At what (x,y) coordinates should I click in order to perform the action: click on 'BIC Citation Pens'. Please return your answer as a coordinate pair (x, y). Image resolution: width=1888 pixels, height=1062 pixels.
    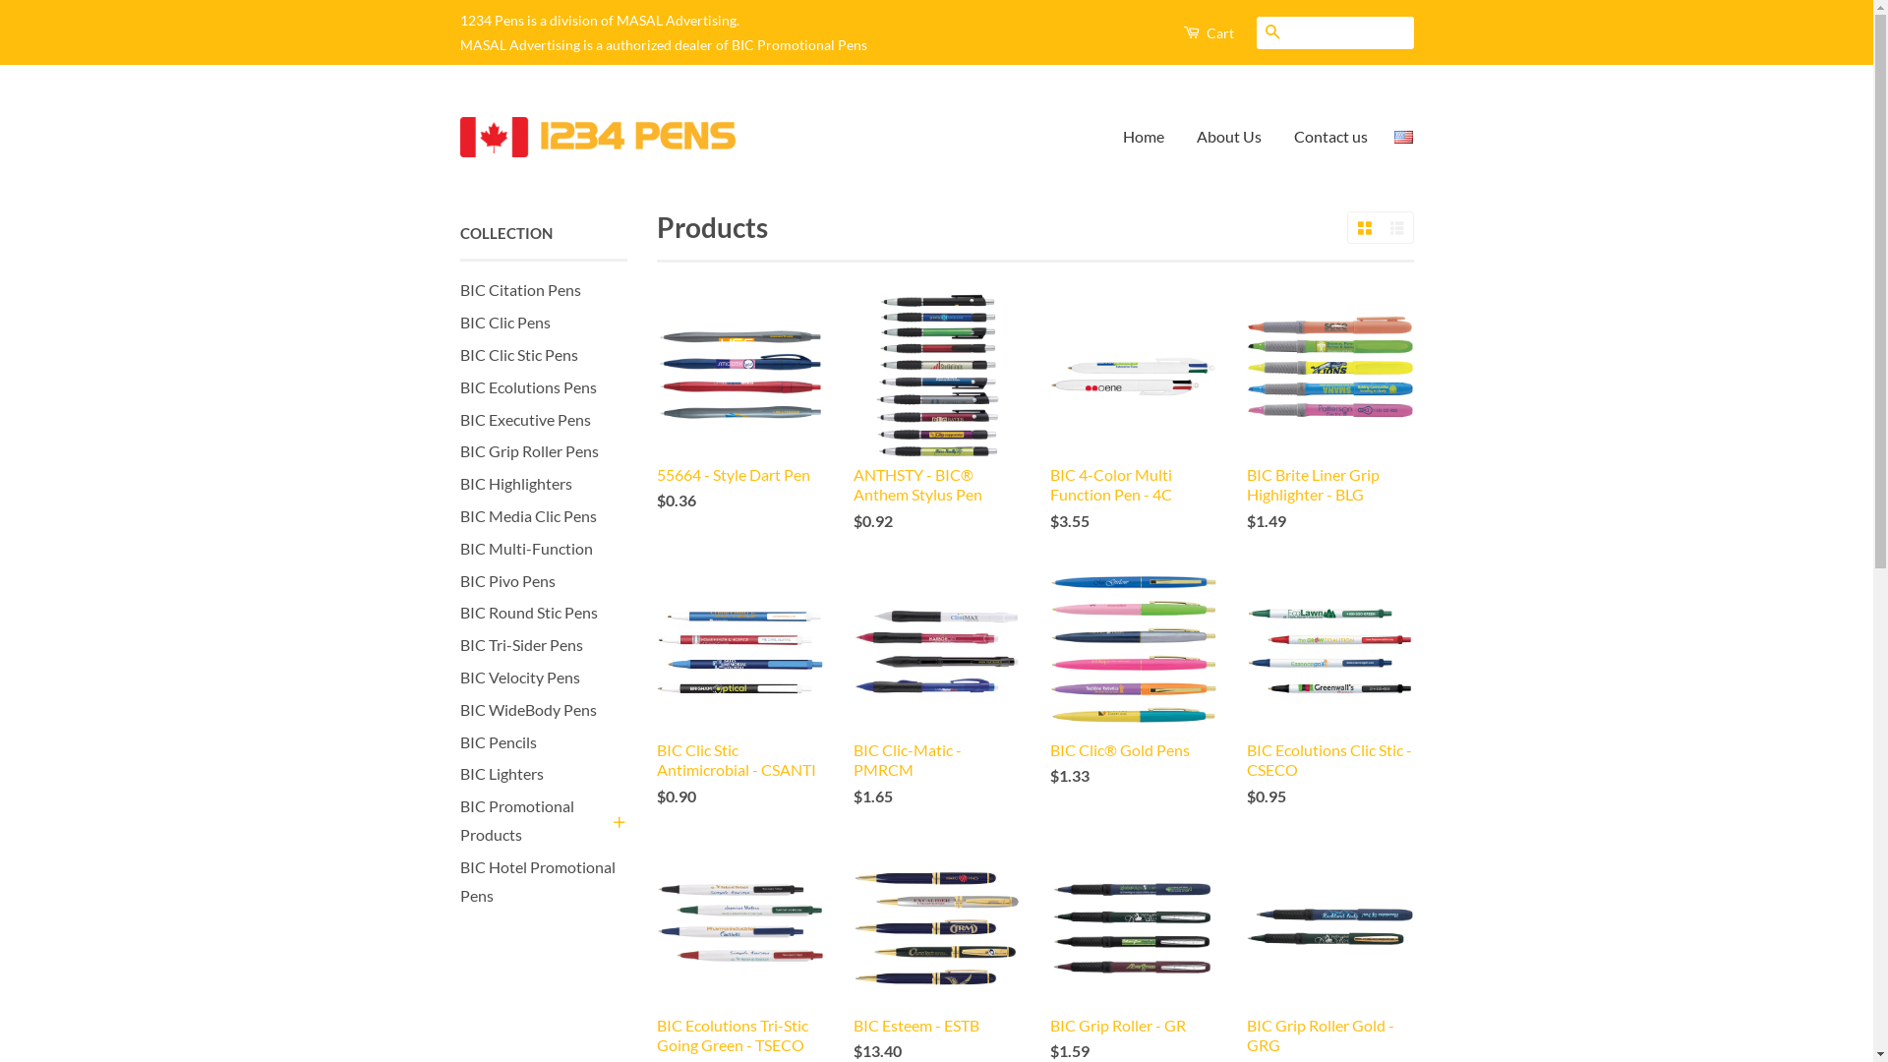
    Looking at the image, I should click on (520, 289).